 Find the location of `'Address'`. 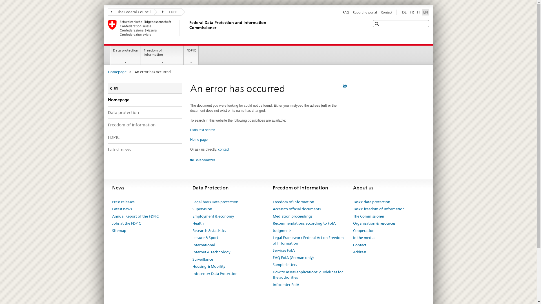

'Address' is located at coordinates (359, 252).